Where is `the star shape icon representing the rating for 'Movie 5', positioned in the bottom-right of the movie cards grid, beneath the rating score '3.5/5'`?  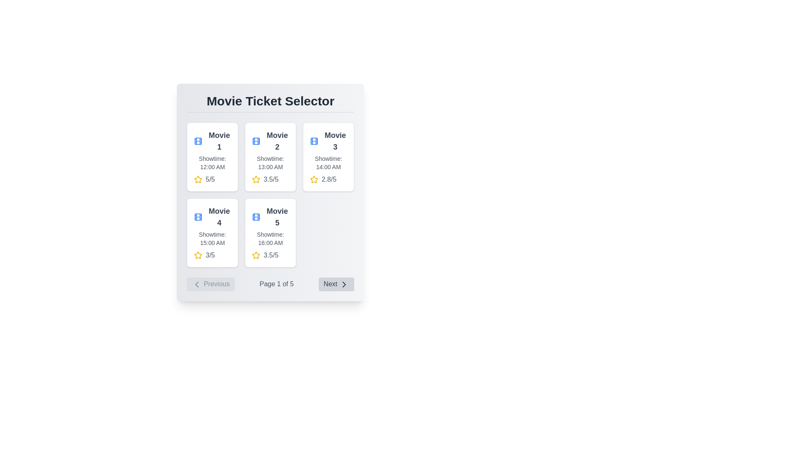 the star shape icon representing the rating for 'Movie 5', positioned in the bottom-right of the movie cards grid, beneath the rating score '3.5/5' is located at coordinates (256, 255).